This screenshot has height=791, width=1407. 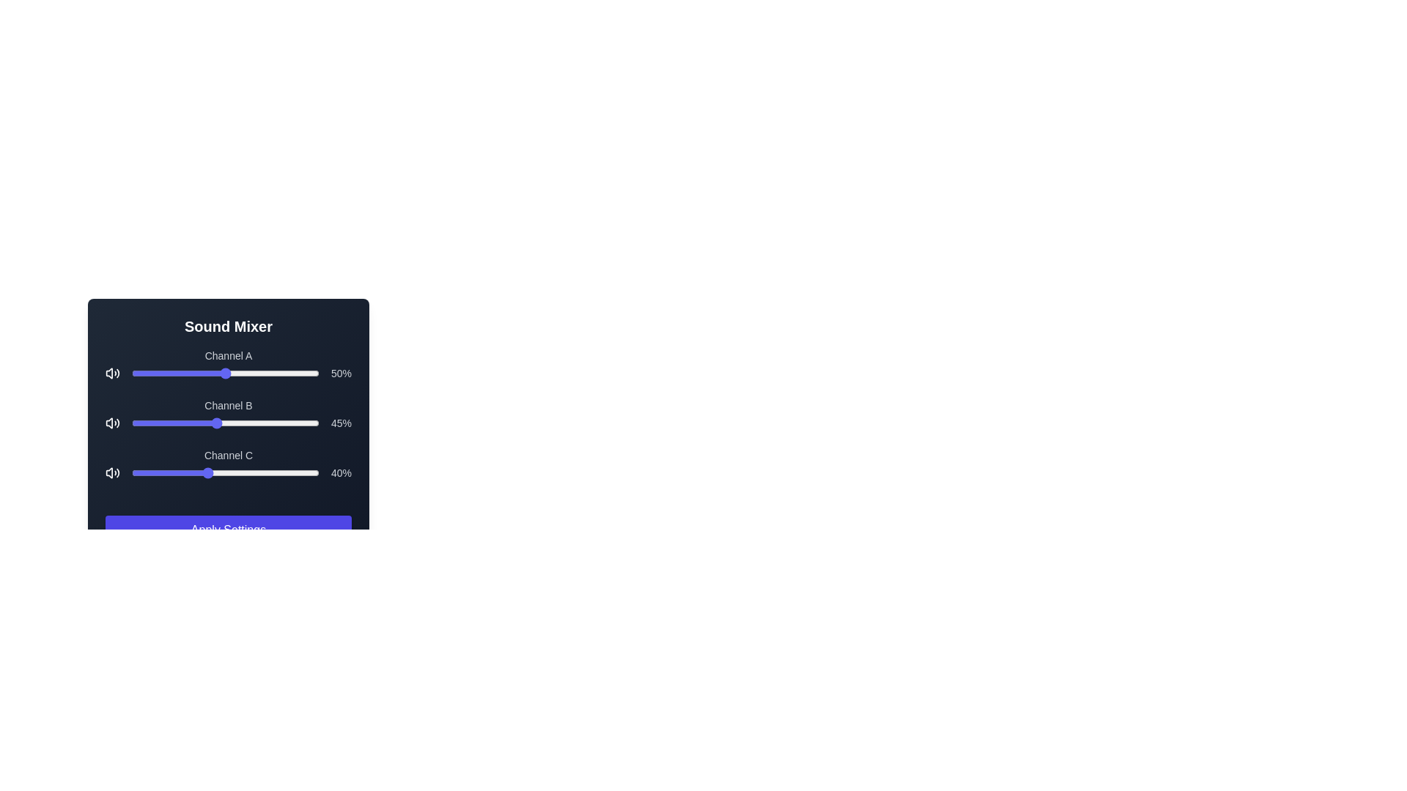 What do you see at coordinates (137, 372) in the screenshot?
I see `Channel A volume` at bounding box center [137, 372].